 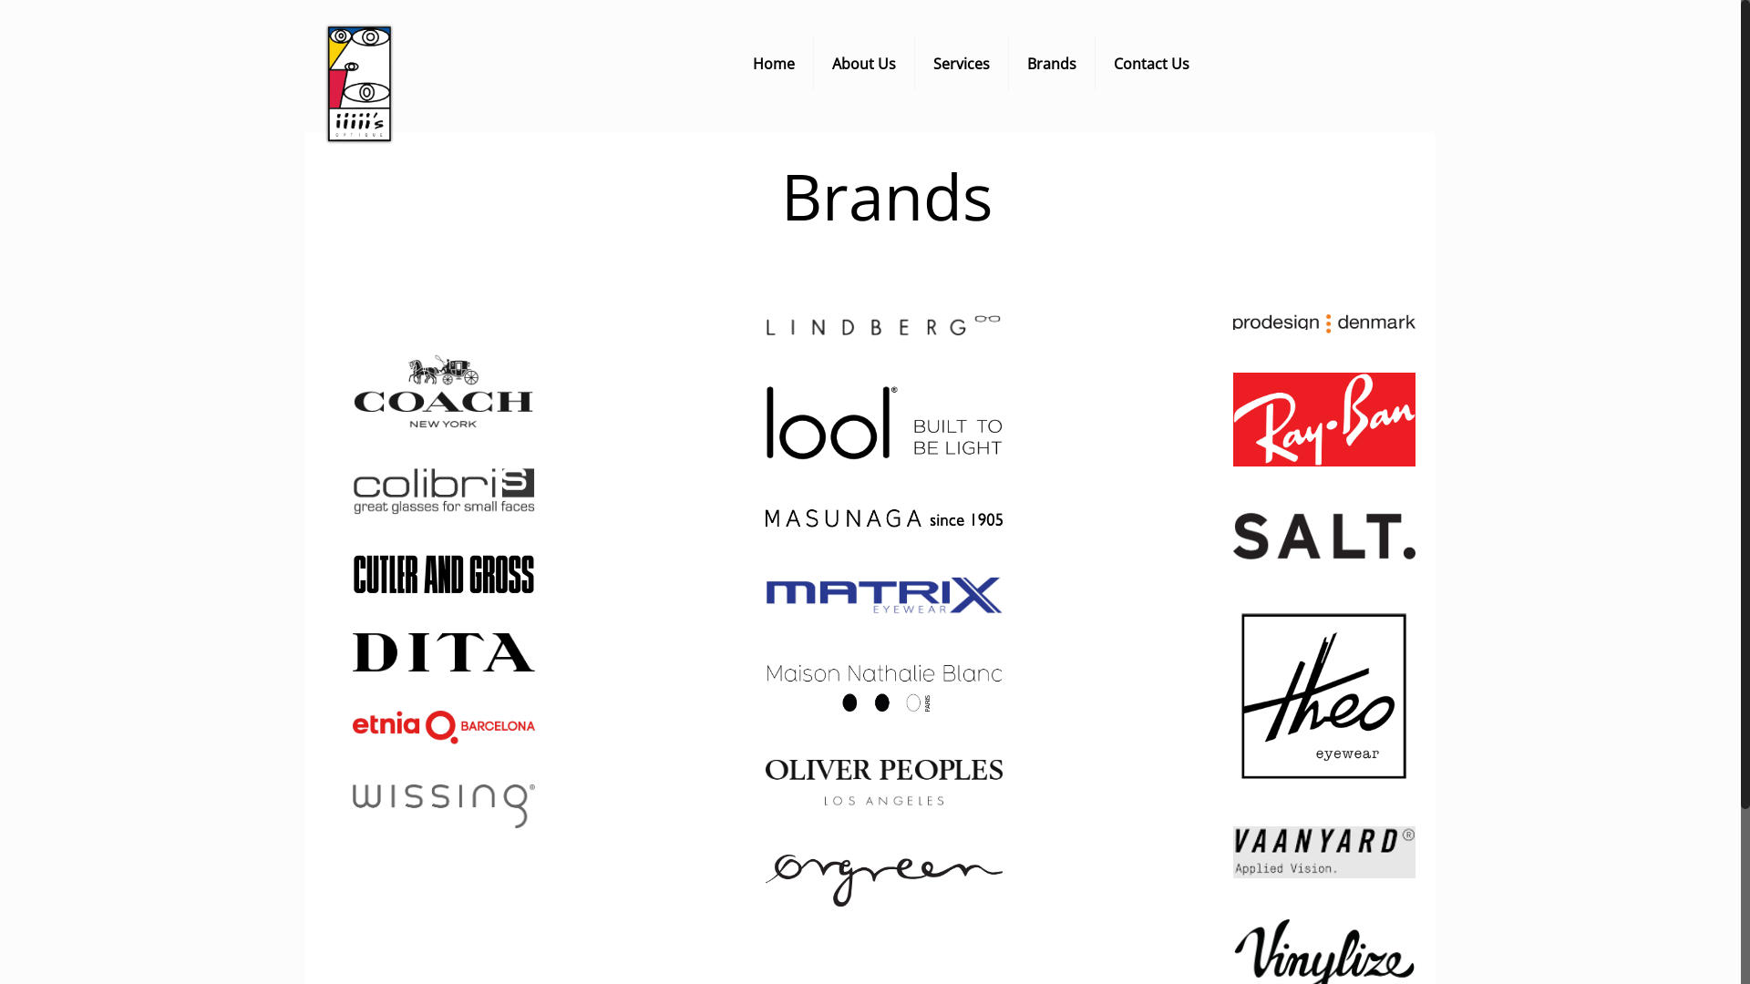 I want to click on 'Contact Us', so click(x=1150, y=62).